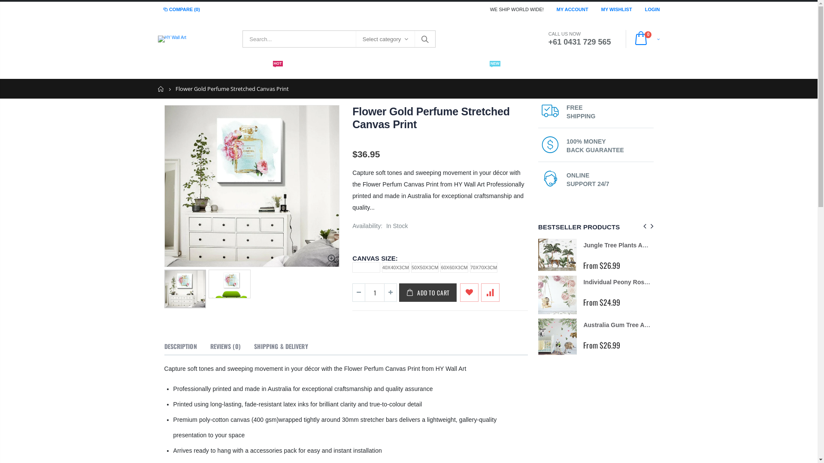 This screenshot has width=824, height=463. Describe the element at coordinates (314, 69) in the screenshot. I see `'WALL DECAL'` at that location.